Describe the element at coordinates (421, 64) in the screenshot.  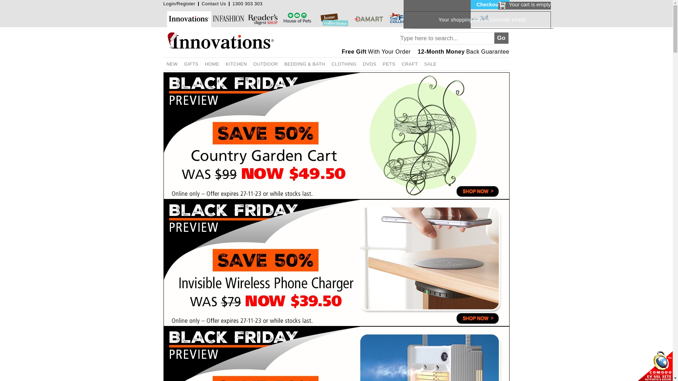
I see `'SALE'` at that location.